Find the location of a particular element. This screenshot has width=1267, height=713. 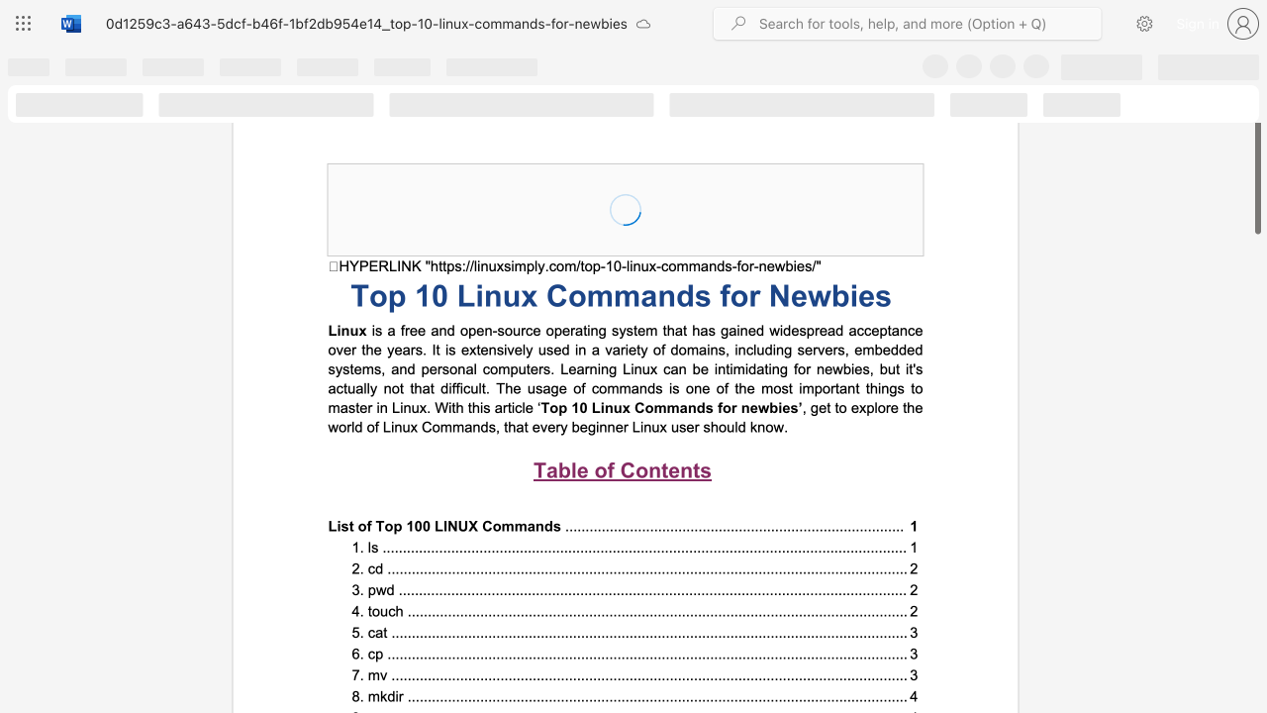

the scrollbar to move the page down is located at coordinates (1256, 602).